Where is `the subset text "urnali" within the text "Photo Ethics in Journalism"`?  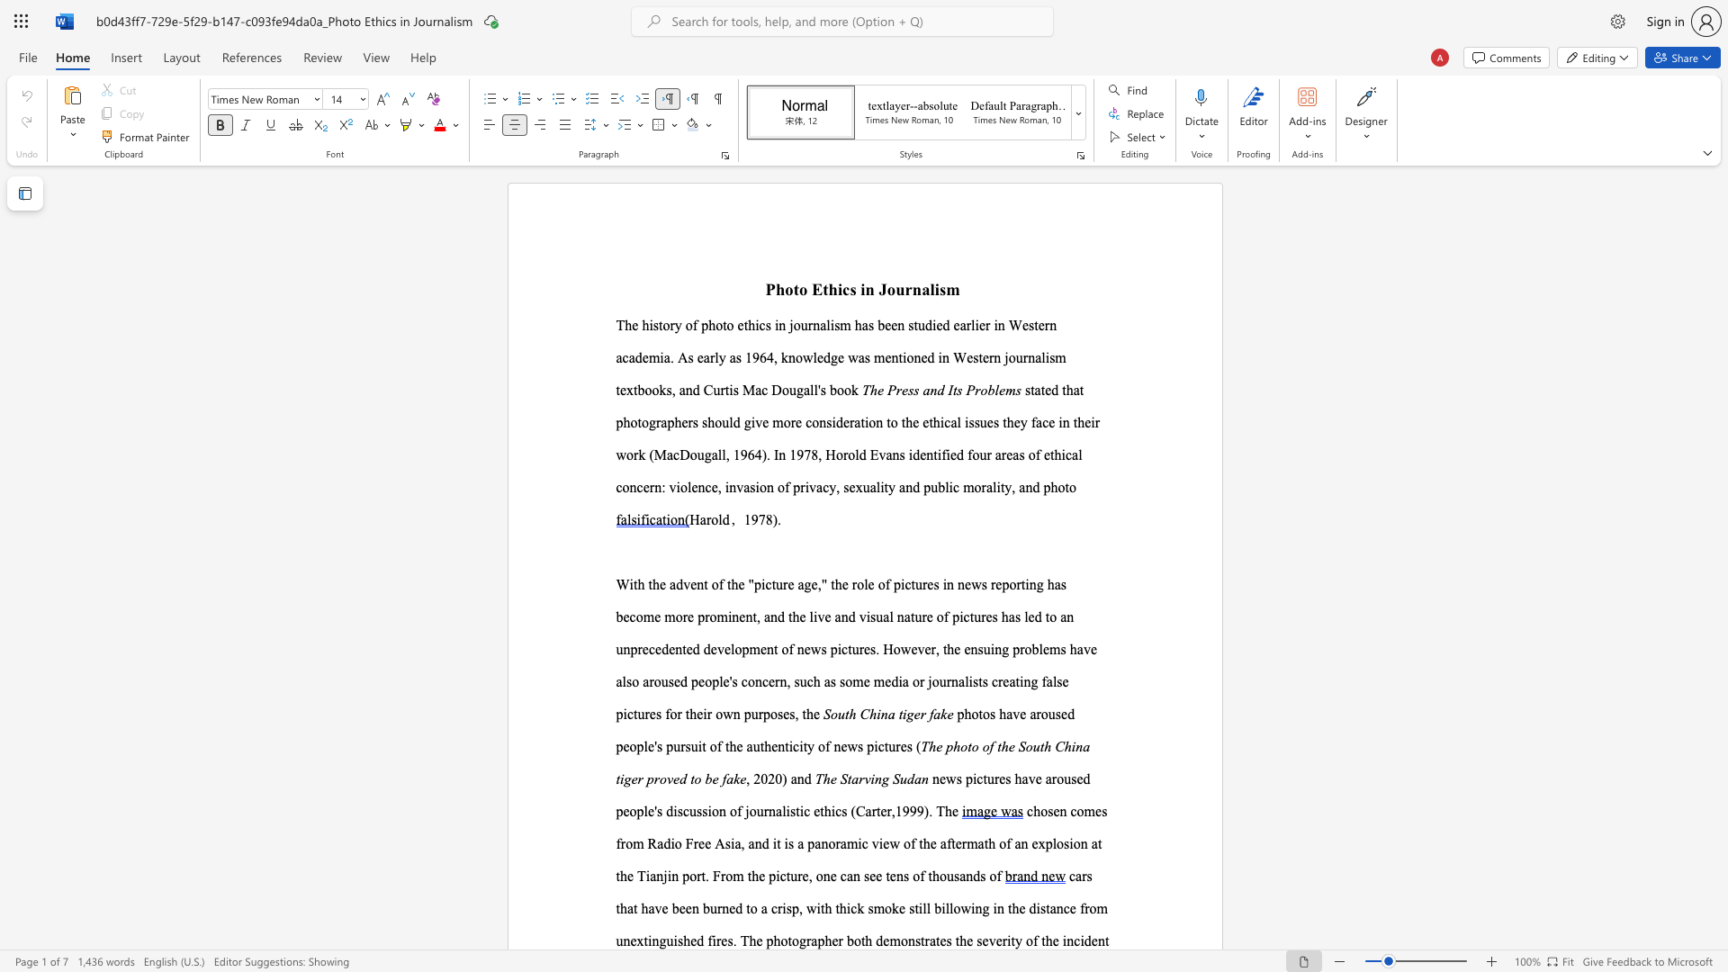
the subset text "urnali" within the text "Photo Ethics in Journalism" is located at coordinates (895, 288).